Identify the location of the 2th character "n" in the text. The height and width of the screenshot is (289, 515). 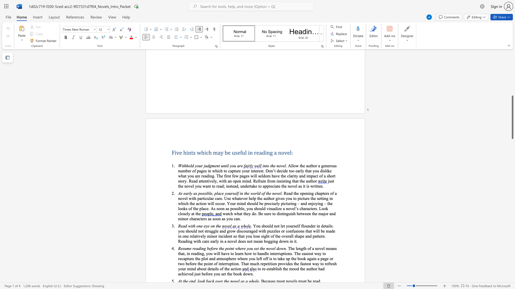
(278, 165).